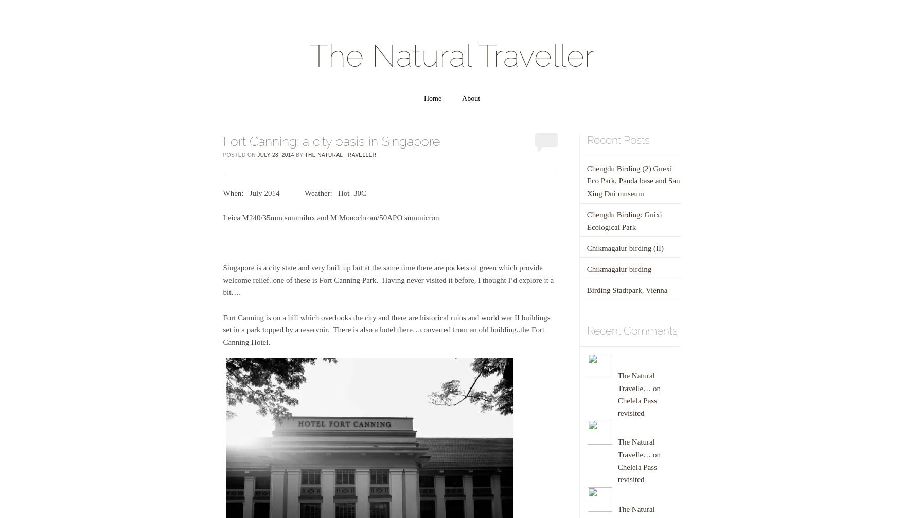 The height and width of the screenshot is (518, 904). What do you see at coordinates (222, 280) in the screenshot?
I see `'Singapore is a city state and very built up but at the same time there are pockets of green which provide welcome relief..one of these is Fort Canning Park.  Having never visited it before, I thought I’d explore it a bit….'` at bounding box center [222, 280].